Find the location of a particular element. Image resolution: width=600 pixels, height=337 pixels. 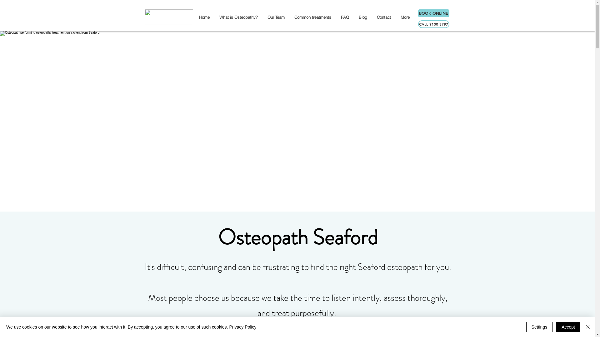

'CALL 9100 3797' is located at coordinates (433, 24).